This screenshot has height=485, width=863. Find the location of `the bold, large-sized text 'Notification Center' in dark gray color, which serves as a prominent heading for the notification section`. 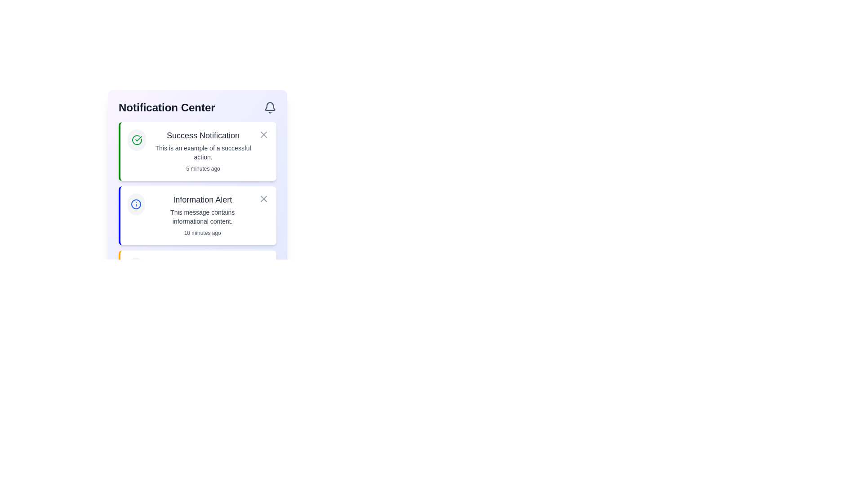

the bold, large-sized text 'Notification Center' in dark gray color, which serves as a prominent heading for the notification section is located at coordinates (167, 107).